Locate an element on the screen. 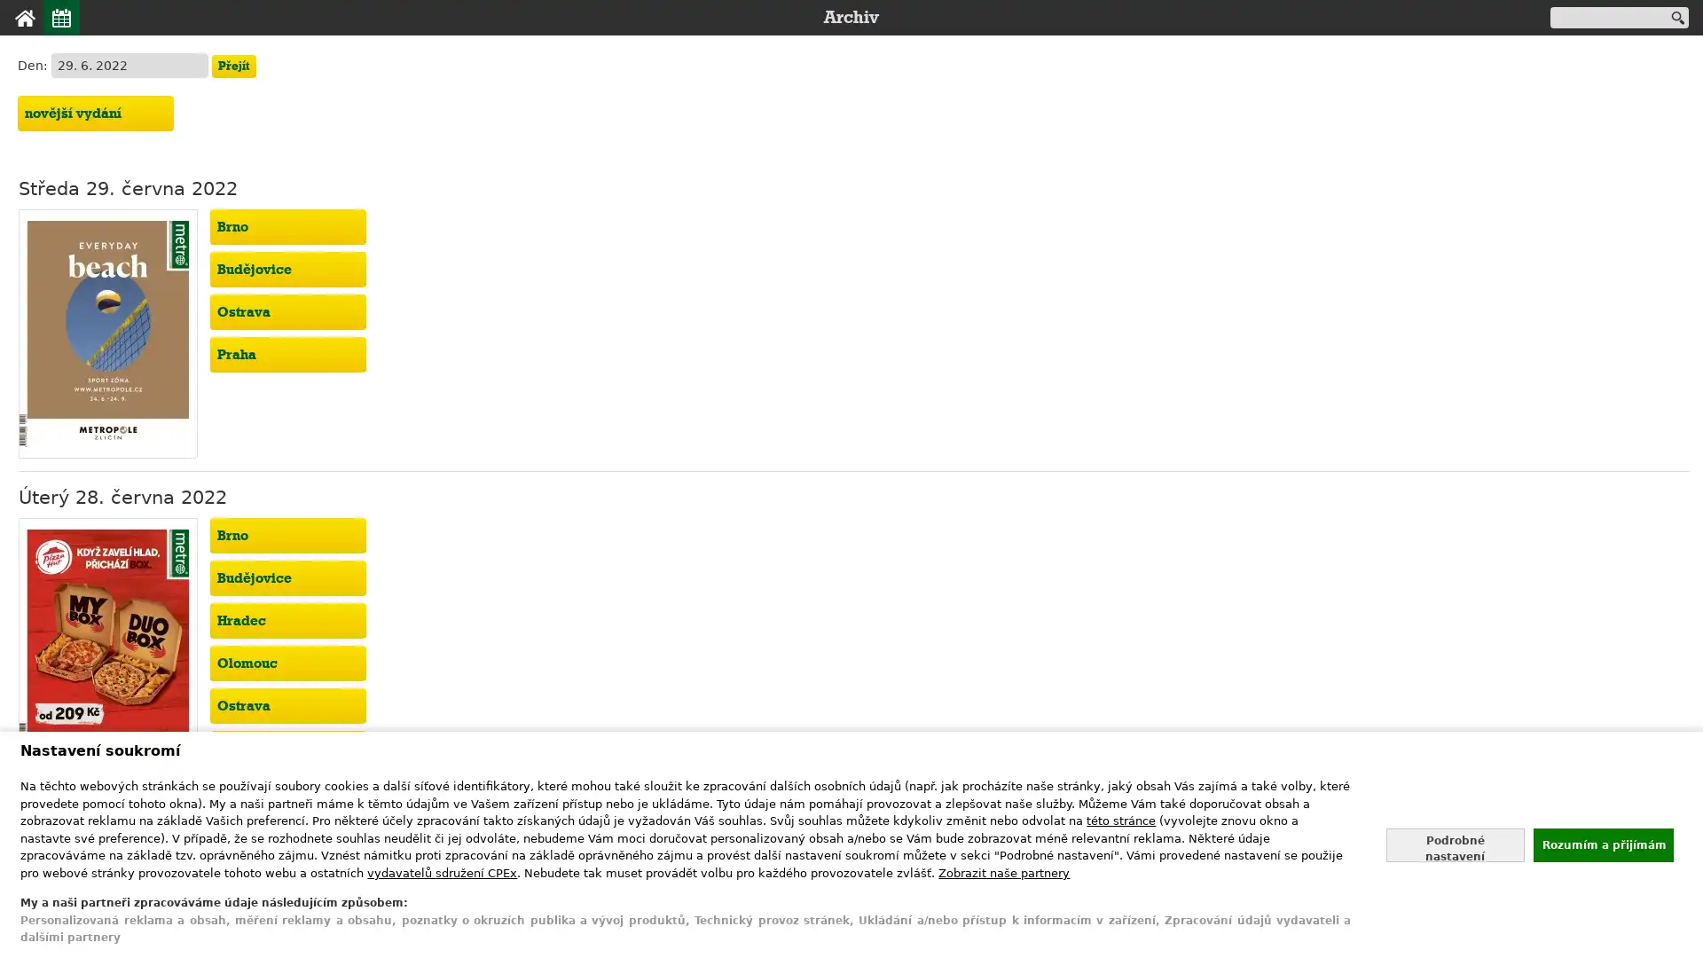 This screenshot has height=958, width=1703. Souhlasit s nasim zpracovanim udaju a zavrit is located at coordinates (1602, 844).